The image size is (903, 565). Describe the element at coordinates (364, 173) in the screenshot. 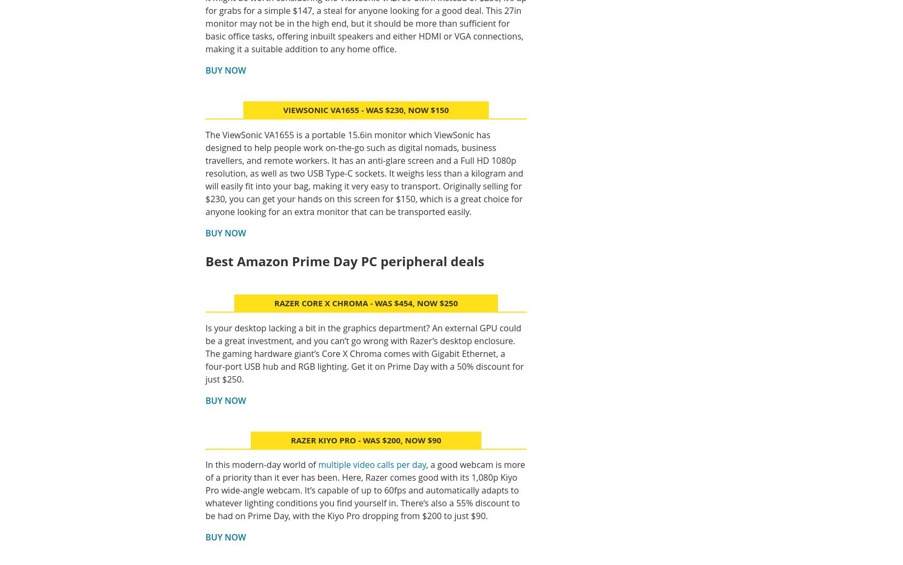

I see `'The ViewSonic VA1655 is a portable 15.6in monitor which ViewSonic has designed to help people work on-the-go such as digital nomads, business travellers, and remote workers. It has an anti-glare screen and a Full HD 1080p resolution, as well as two USB Type-C sockets. It weighs less than a kilogram and will easily fit into your bag, making it very easy to transport. Originally selling for $230, you can get your hands on this screen for $150, which is a great choice for anyone looking for an extra monitor that can be transported easily.'` at that location.